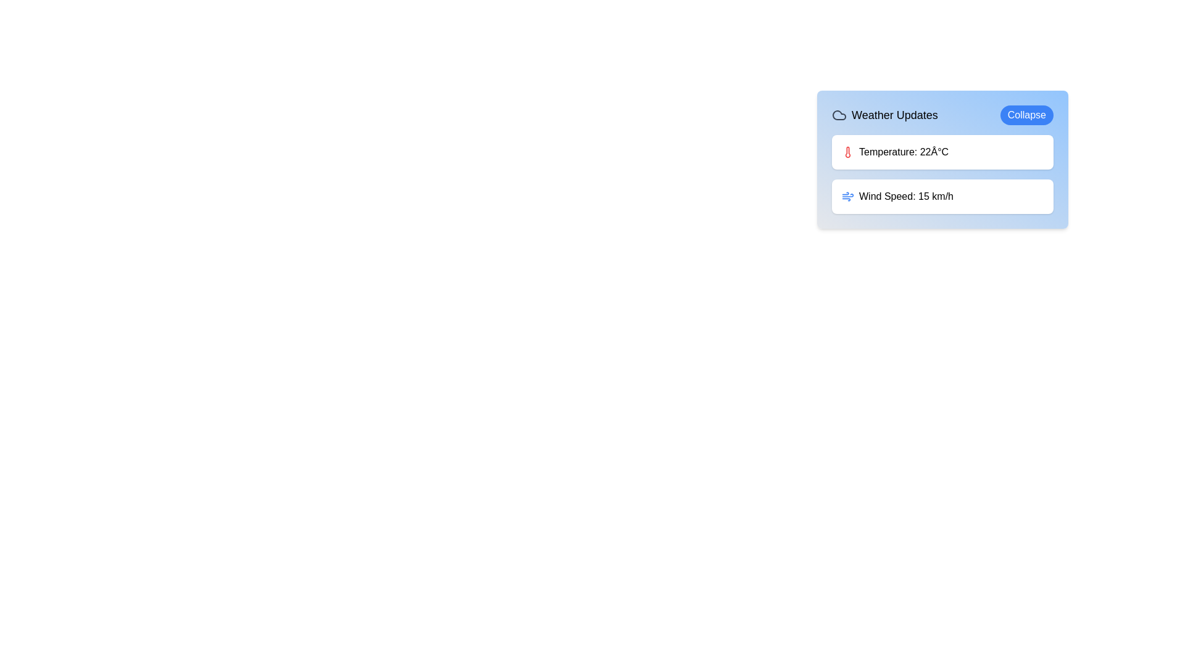  Describe the element at coordinates (839, 115) in the screenshot. I see `the weather icon that visually represents weather-related information in the header of the weather updates section` at that location.